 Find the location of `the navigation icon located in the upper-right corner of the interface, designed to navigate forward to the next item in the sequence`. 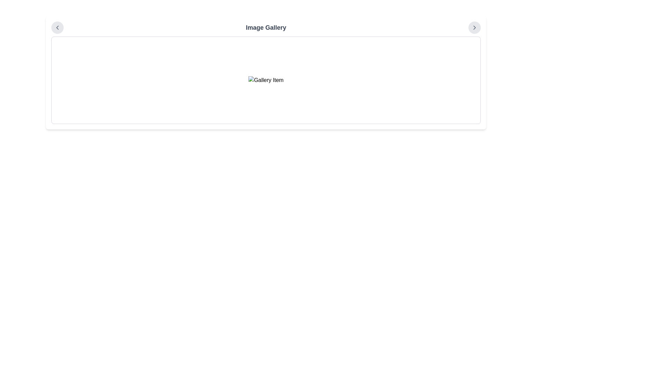

the navigation icon located in the upper-right corner of the interface, designed to navigate forward to the next item in the sequence is located at coordinates (474, 27).